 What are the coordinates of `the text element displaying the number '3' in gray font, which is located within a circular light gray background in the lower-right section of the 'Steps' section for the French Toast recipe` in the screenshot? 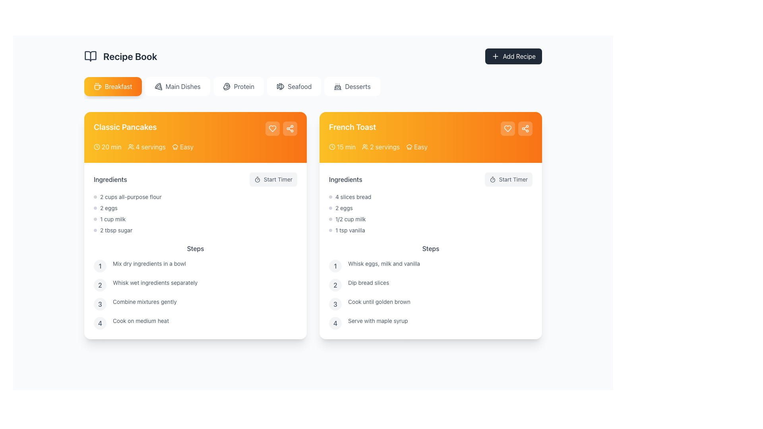 It's located at (335, 304).